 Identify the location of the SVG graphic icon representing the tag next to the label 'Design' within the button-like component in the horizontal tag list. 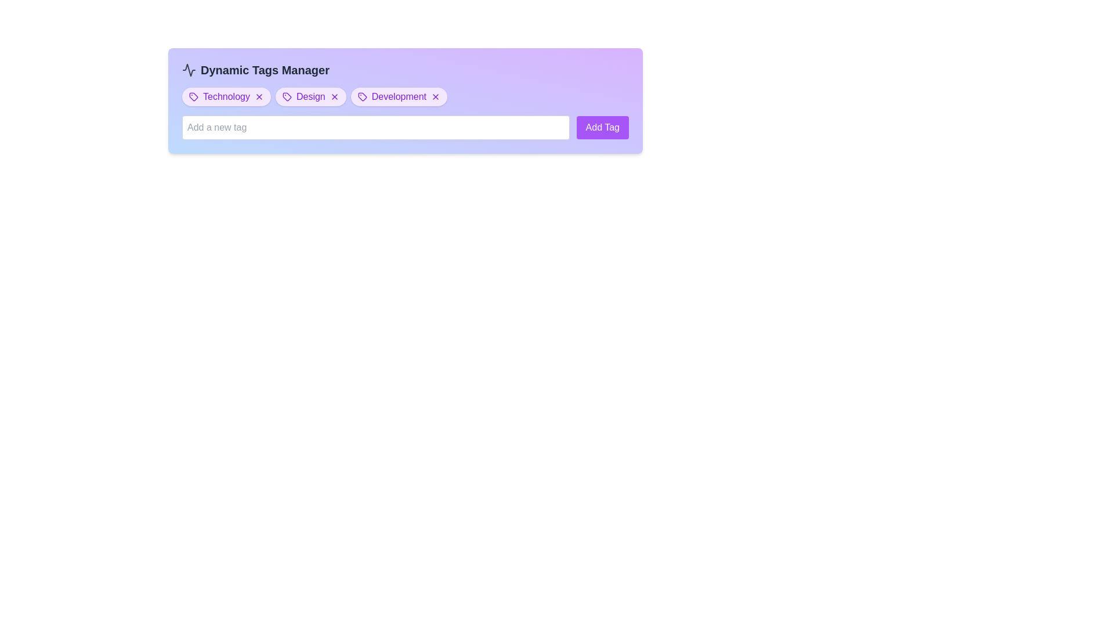
(287, 96).